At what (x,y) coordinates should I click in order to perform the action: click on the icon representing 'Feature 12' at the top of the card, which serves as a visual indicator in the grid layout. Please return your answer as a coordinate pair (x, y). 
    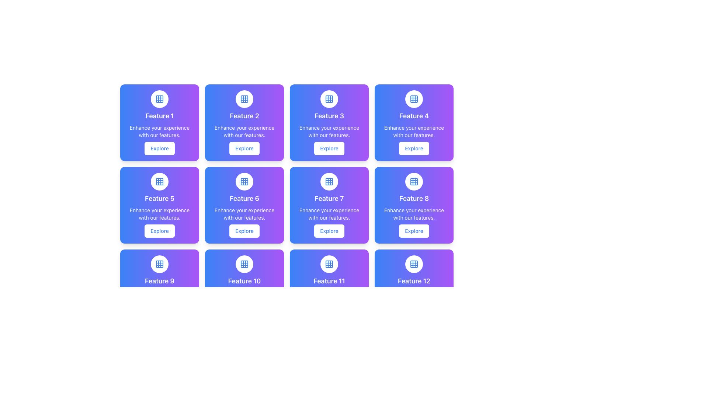
    Looking at the image, I should click on (414, 264).